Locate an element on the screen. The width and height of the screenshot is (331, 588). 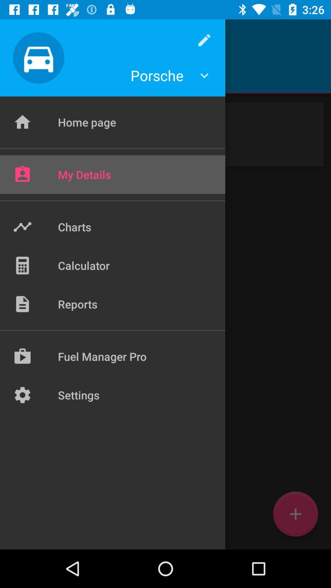
the add icon is located at coordinates (295, 514).